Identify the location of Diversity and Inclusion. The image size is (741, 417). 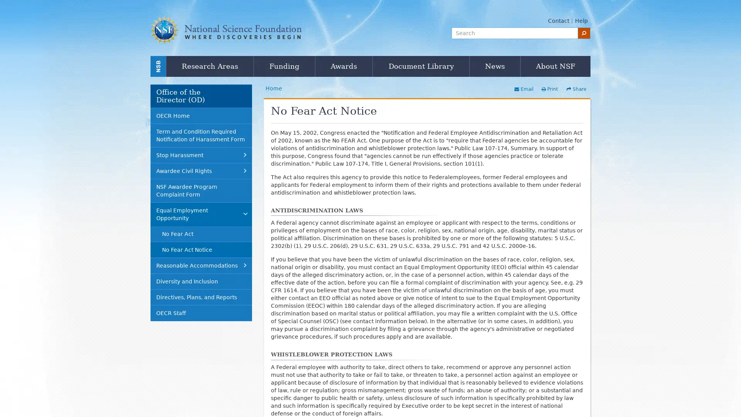
(201, 281).